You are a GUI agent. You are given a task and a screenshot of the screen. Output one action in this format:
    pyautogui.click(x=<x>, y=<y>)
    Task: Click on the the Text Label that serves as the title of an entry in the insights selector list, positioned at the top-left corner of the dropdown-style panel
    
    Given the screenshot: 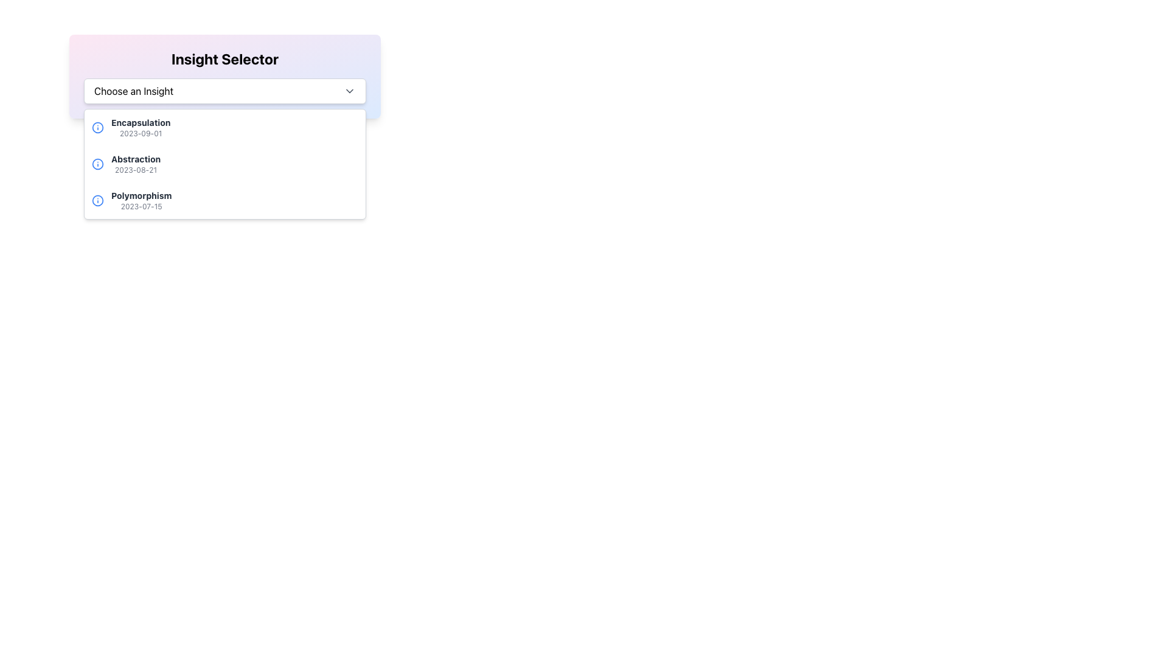 What is the action you would take?
    pyautogui.click(x=141, y=122)
    